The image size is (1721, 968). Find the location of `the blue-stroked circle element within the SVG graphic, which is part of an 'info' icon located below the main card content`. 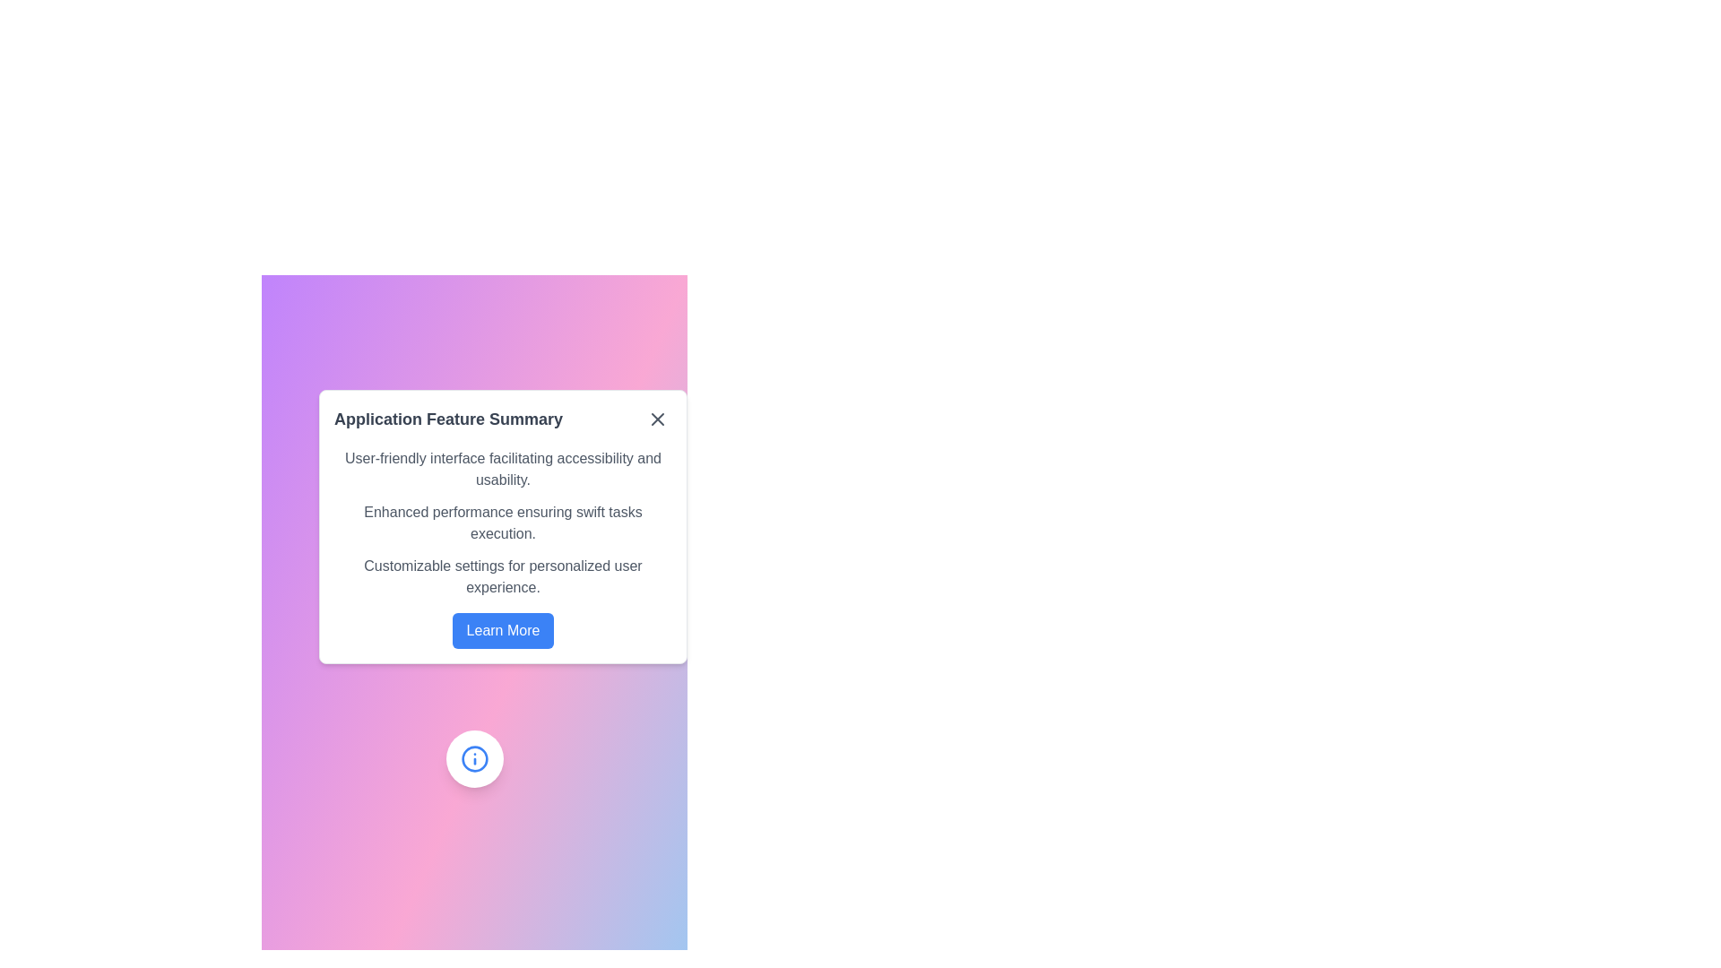

the blue-stroked circle element within the SVG graphic, which is part of an 'info' icon located below the main card content is located at coordinates (474, 759).